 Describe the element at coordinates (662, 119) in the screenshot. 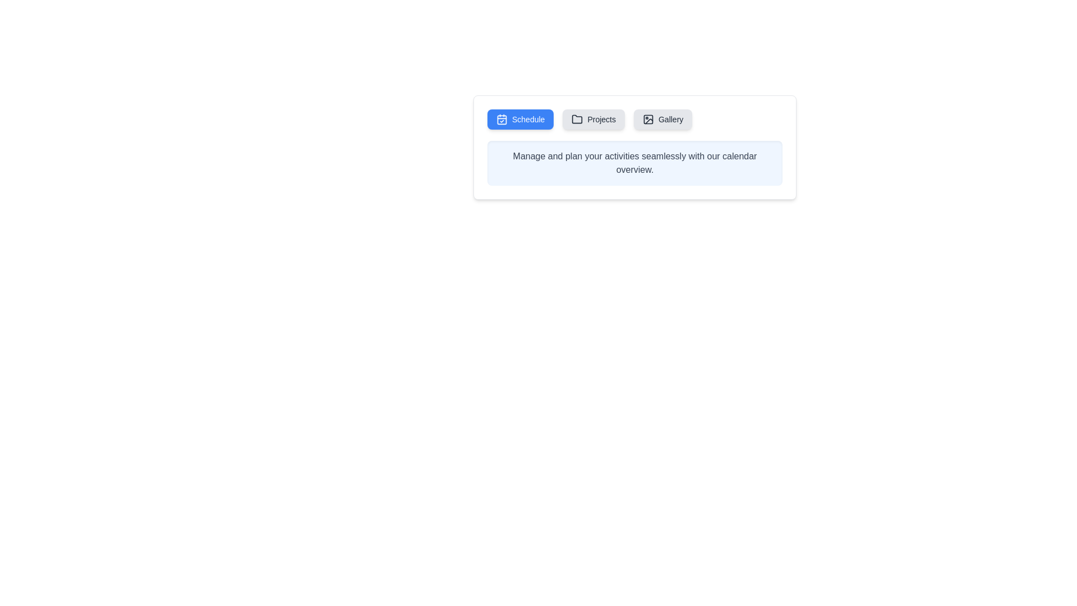

I see `the Gallery tab to observe its hover effect` at that location.